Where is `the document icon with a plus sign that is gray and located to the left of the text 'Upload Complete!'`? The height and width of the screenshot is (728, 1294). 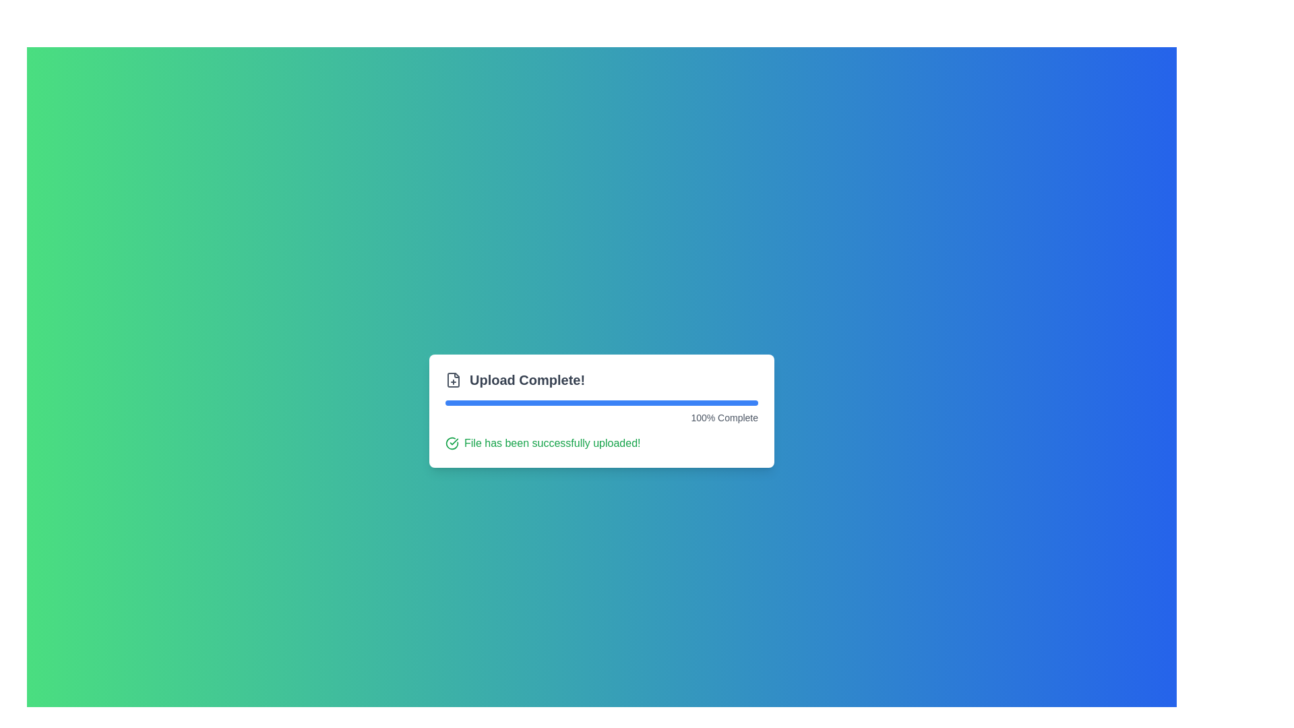 the document icon with a plus sign that is gray and located to the left of the text 'Upload Complete!' is located at coordinates (453, 380).